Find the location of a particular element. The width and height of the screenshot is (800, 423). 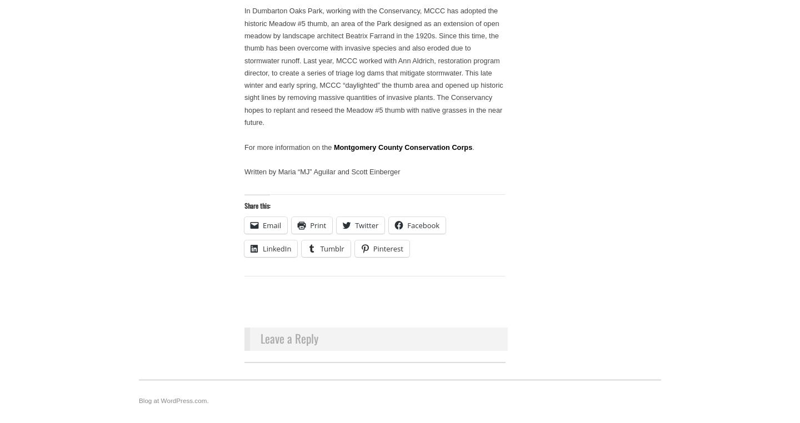

'Leave a Reply' is located at coordinates (288, 338).